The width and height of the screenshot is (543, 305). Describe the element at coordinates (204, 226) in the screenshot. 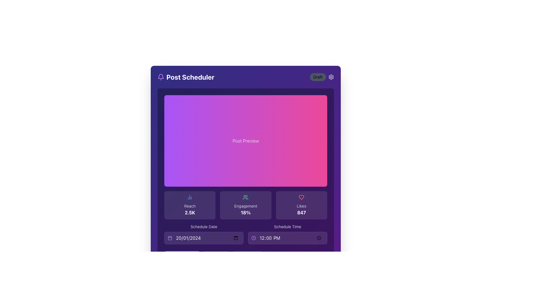

I see `the 'Schedule Date' label text, which is displayed in a small light gray font on a purple background, located above the date input field` at that location.